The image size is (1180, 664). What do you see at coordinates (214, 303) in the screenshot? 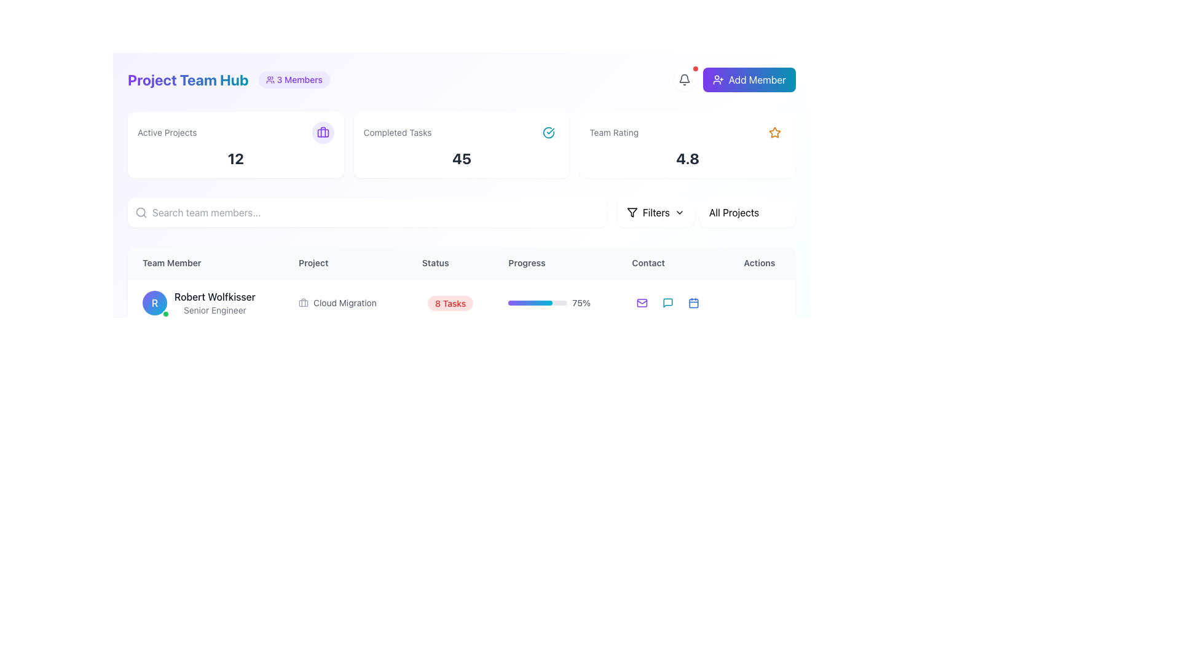
I see `the text block displaying the name and professional title of a team member, which is located beside their circular avatar in the 'Team Member' column` at bounding box center [214, 303].